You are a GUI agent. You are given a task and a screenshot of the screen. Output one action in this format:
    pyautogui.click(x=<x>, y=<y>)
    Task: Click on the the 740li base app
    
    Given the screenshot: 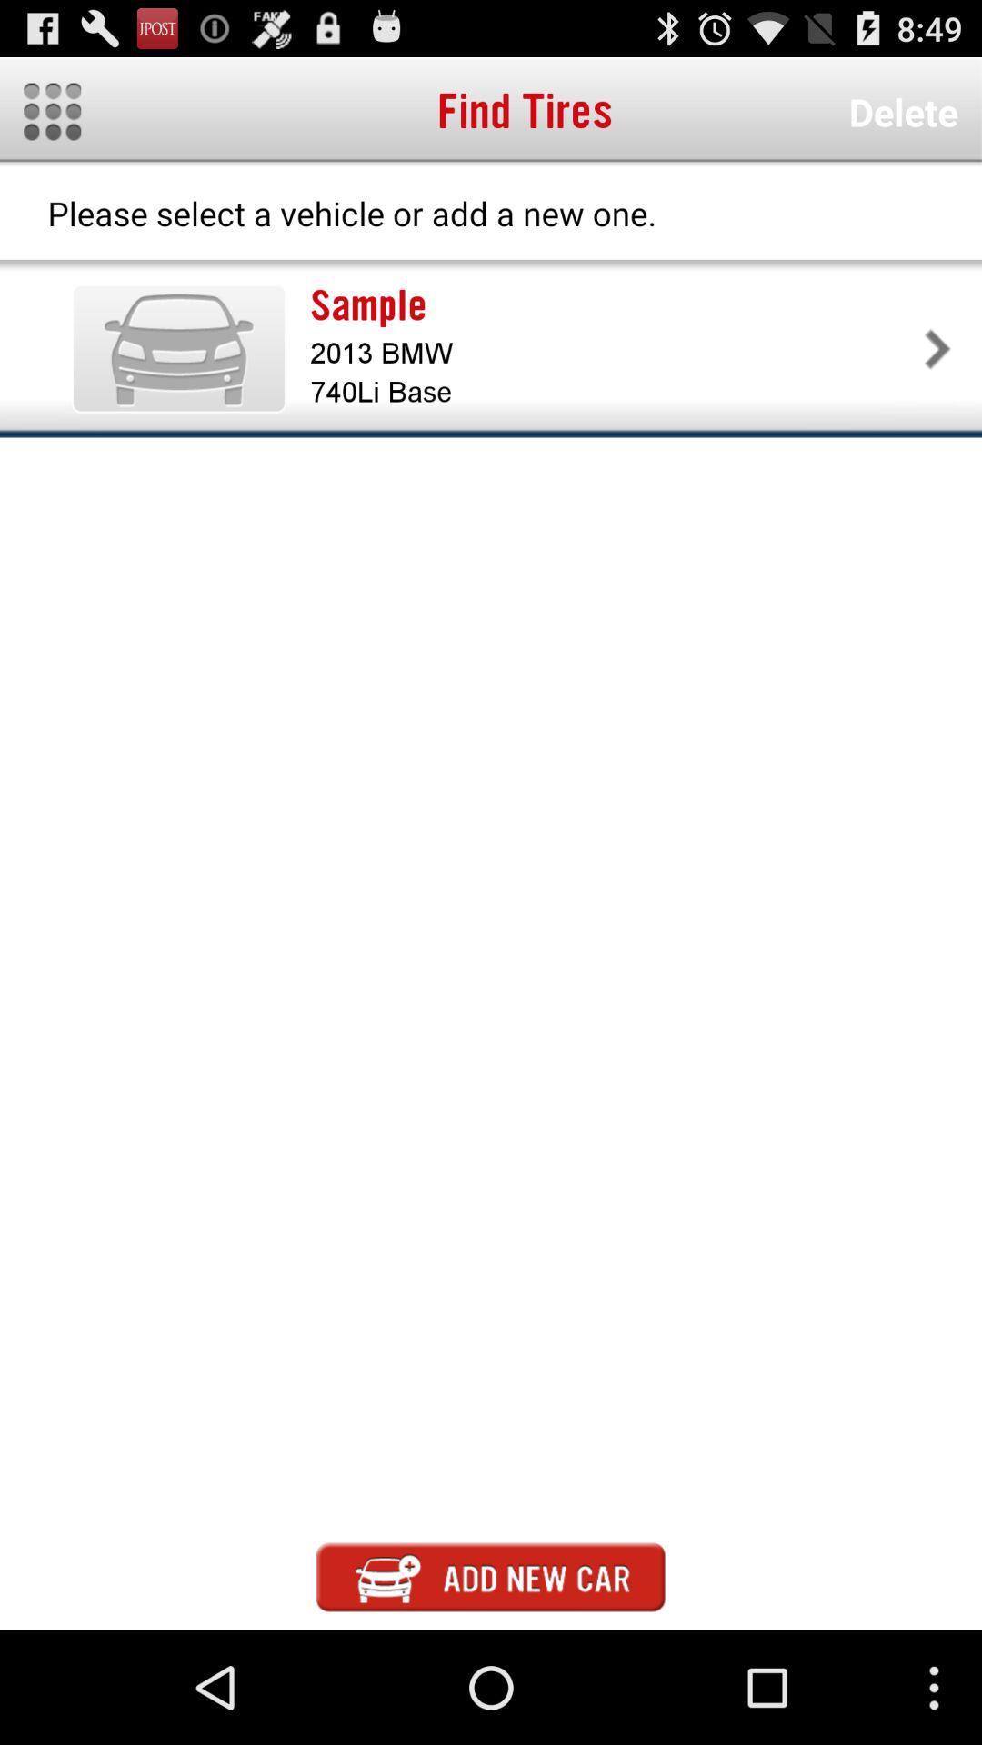 What is the action you would take?
    pyautogui.click(x=614, y=391)
    